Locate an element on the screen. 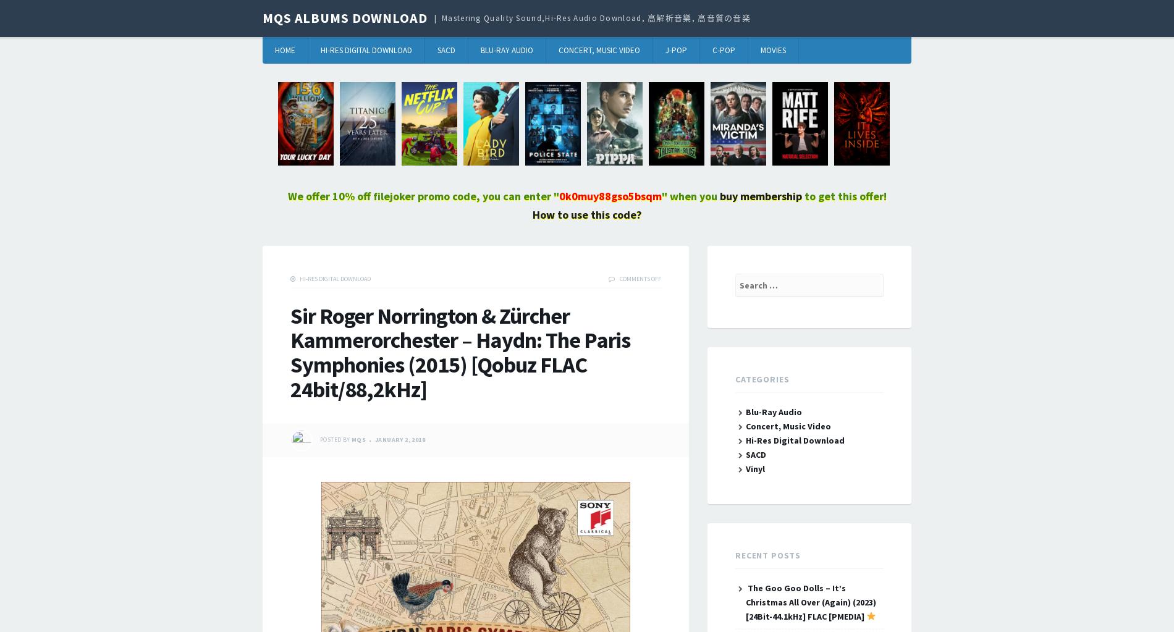 This screenshot has height=632, width=1174. 'Sir Roger Norrington & Zürcher Kammerorchester – Haydn: The Paris Symphonies (2015) [Qobuz FLAC 24bit/88,2kHz]' is located at coordinates (459, 352).